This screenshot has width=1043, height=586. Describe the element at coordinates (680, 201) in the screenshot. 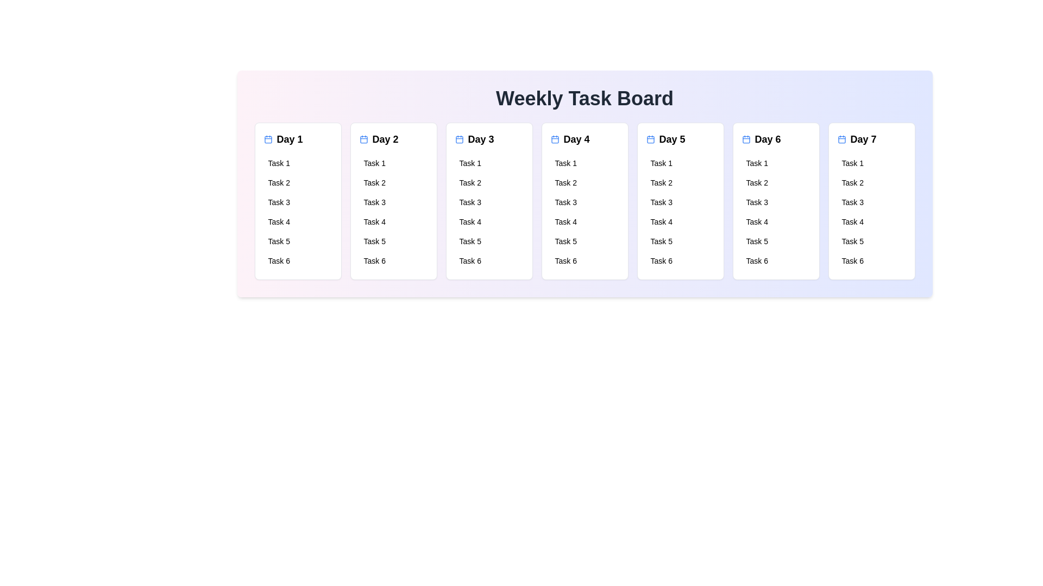

I see `the tasks for Day 5 by interacting with the corresponding day card` at that location.